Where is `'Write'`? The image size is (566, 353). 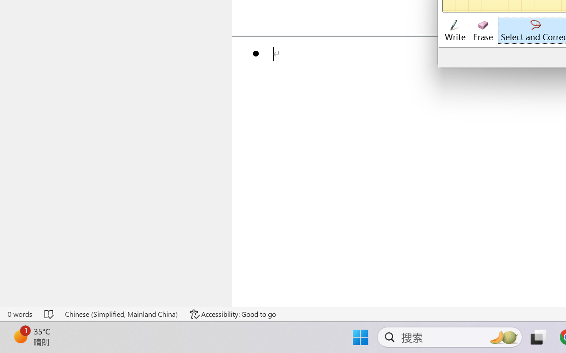 'Write' is located at coordinates (455, 30).